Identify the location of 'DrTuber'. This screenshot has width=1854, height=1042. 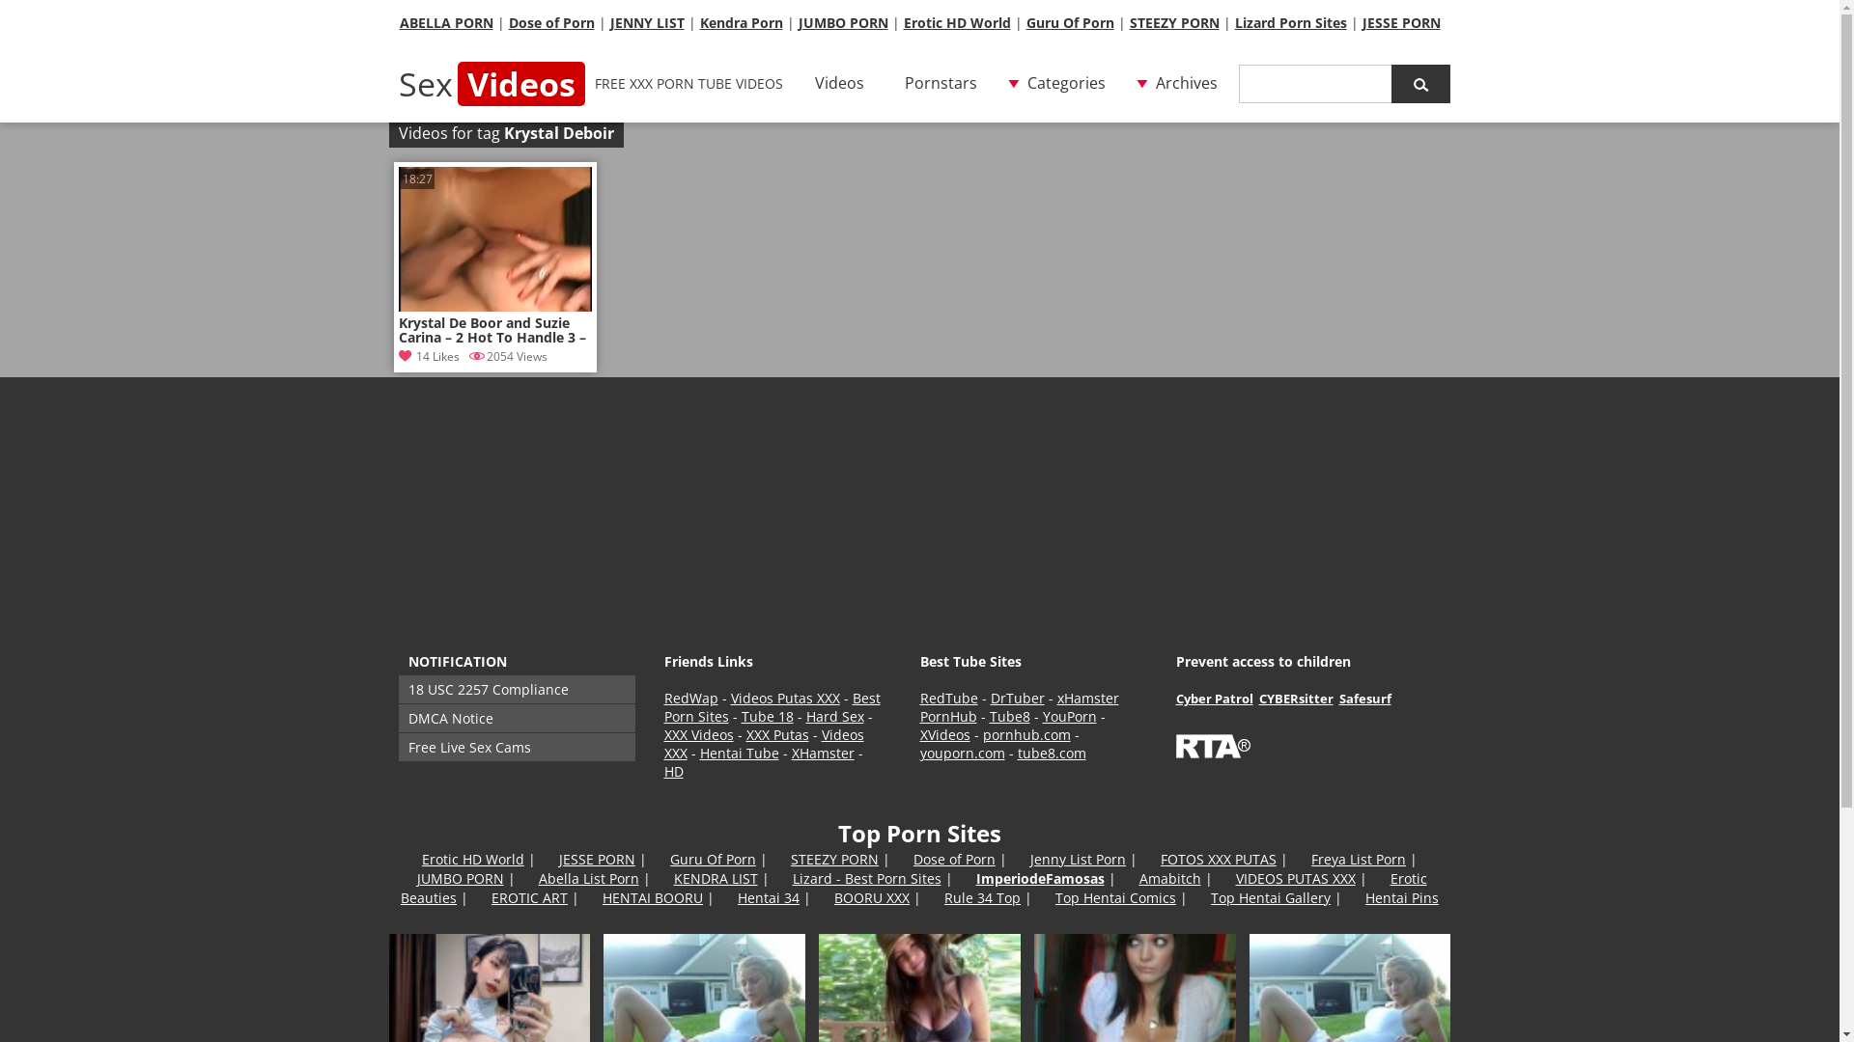
(1017, 698).